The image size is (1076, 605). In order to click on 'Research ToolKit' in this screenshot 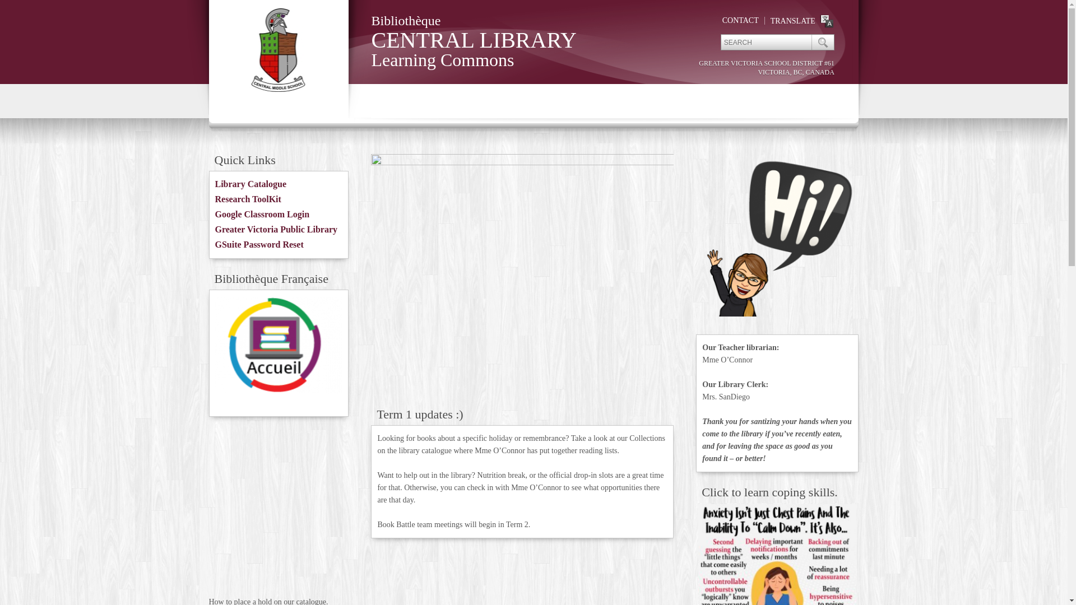, I will do `click(247, 198)`.